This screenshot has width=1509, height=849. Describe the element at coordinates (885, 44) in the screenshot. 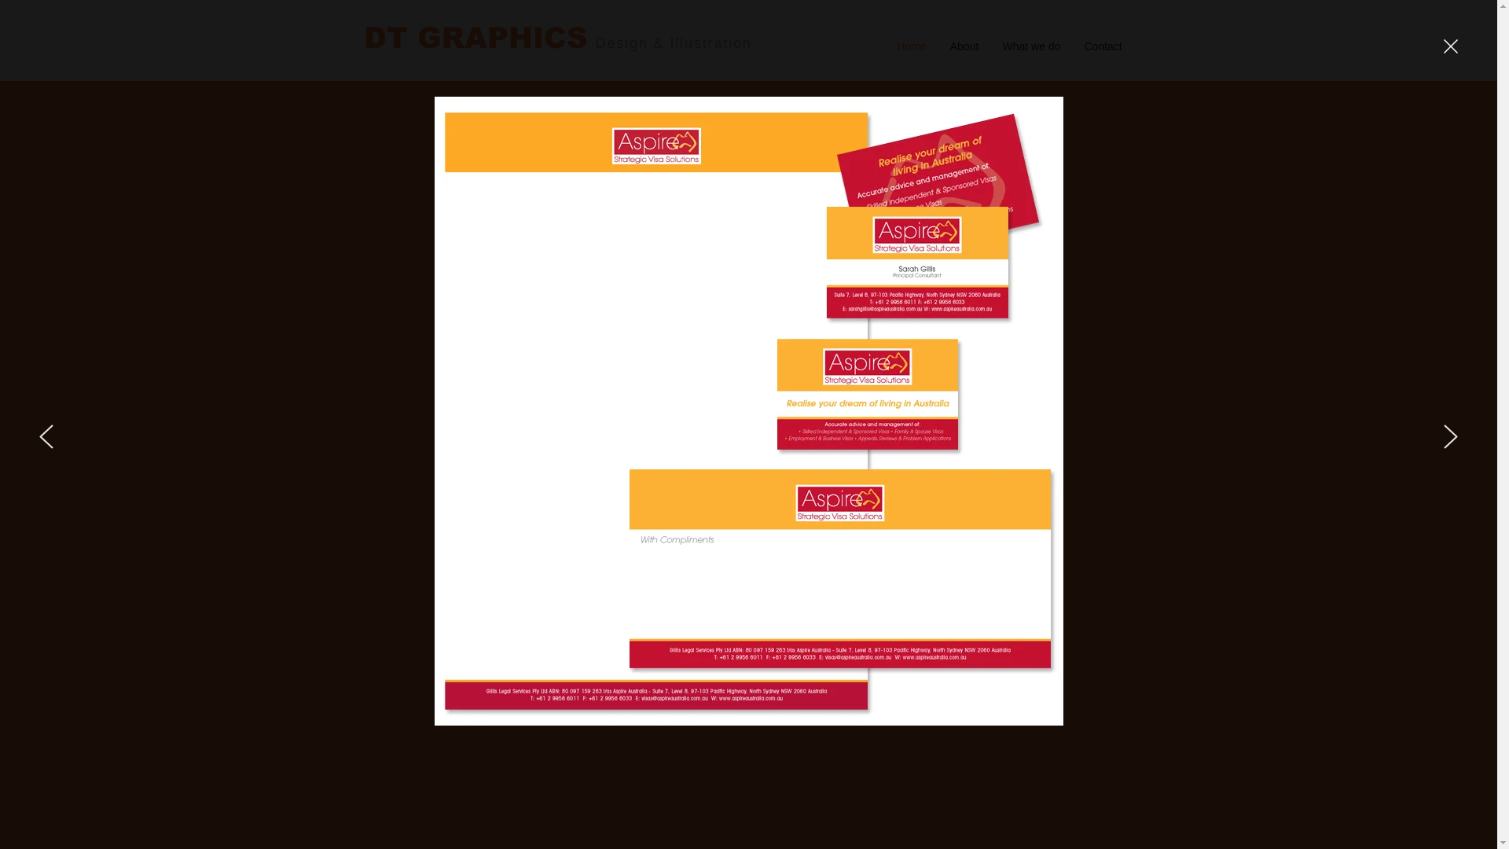

I see `'Home'` at that location.